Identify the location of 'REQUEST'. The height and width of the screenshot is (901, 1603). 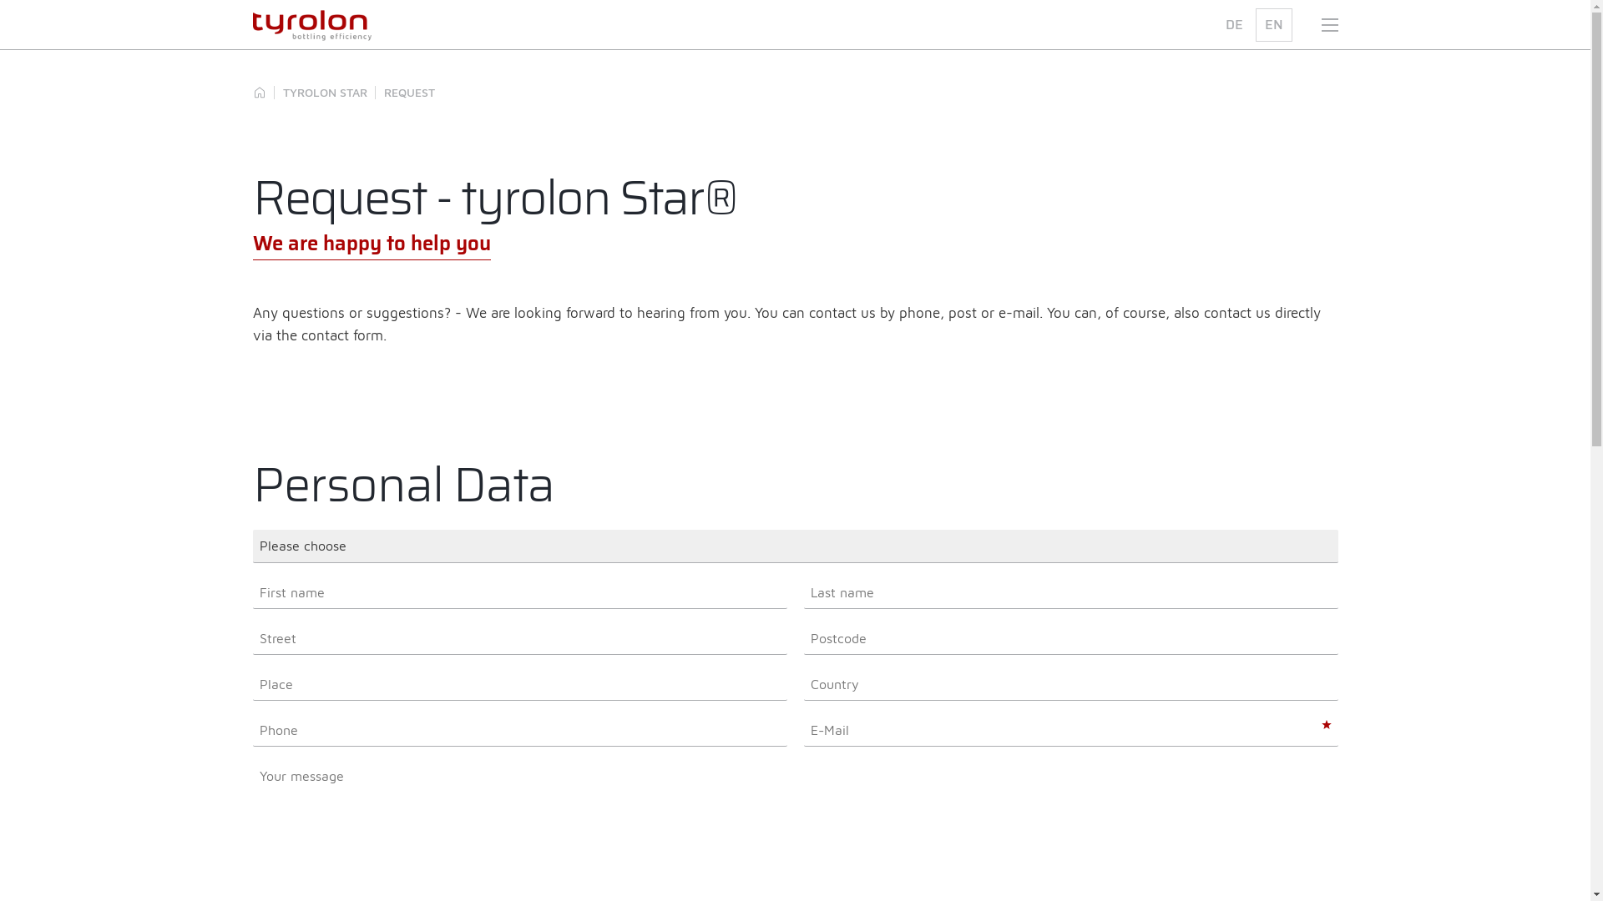
(409, 93).